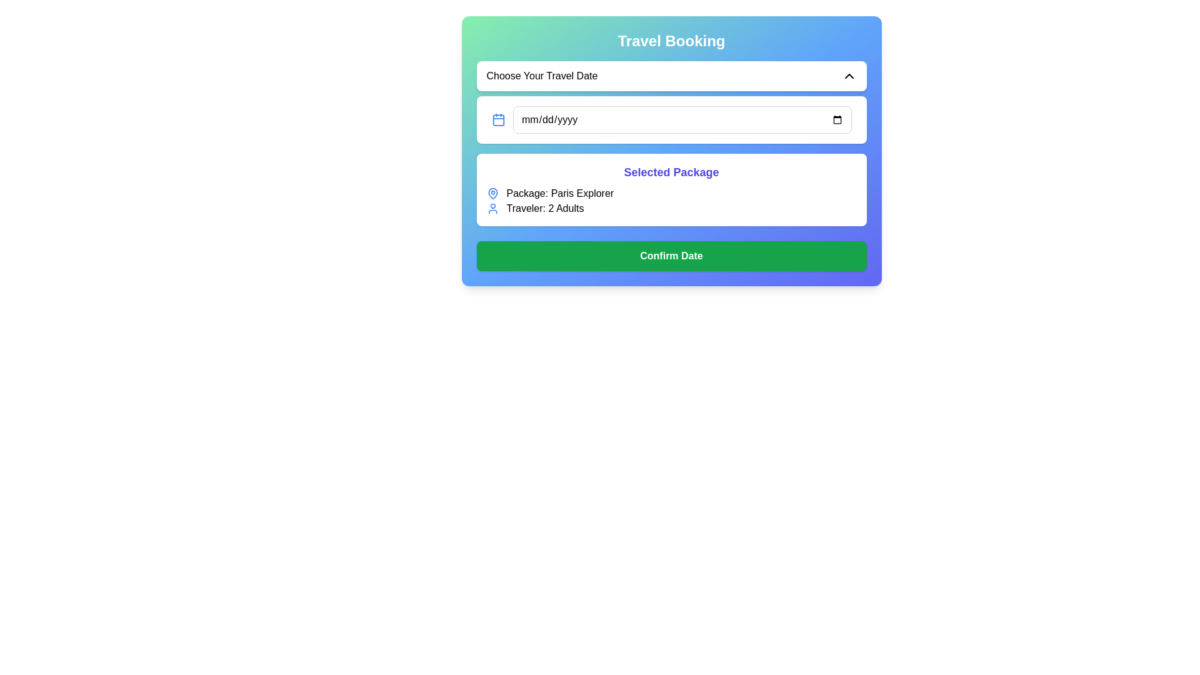  I want to click on the static text label displaying 'Traveler: 2 Adults', which is located in the 'Selected Package' section of the travel booking interface, so click(545, 208).